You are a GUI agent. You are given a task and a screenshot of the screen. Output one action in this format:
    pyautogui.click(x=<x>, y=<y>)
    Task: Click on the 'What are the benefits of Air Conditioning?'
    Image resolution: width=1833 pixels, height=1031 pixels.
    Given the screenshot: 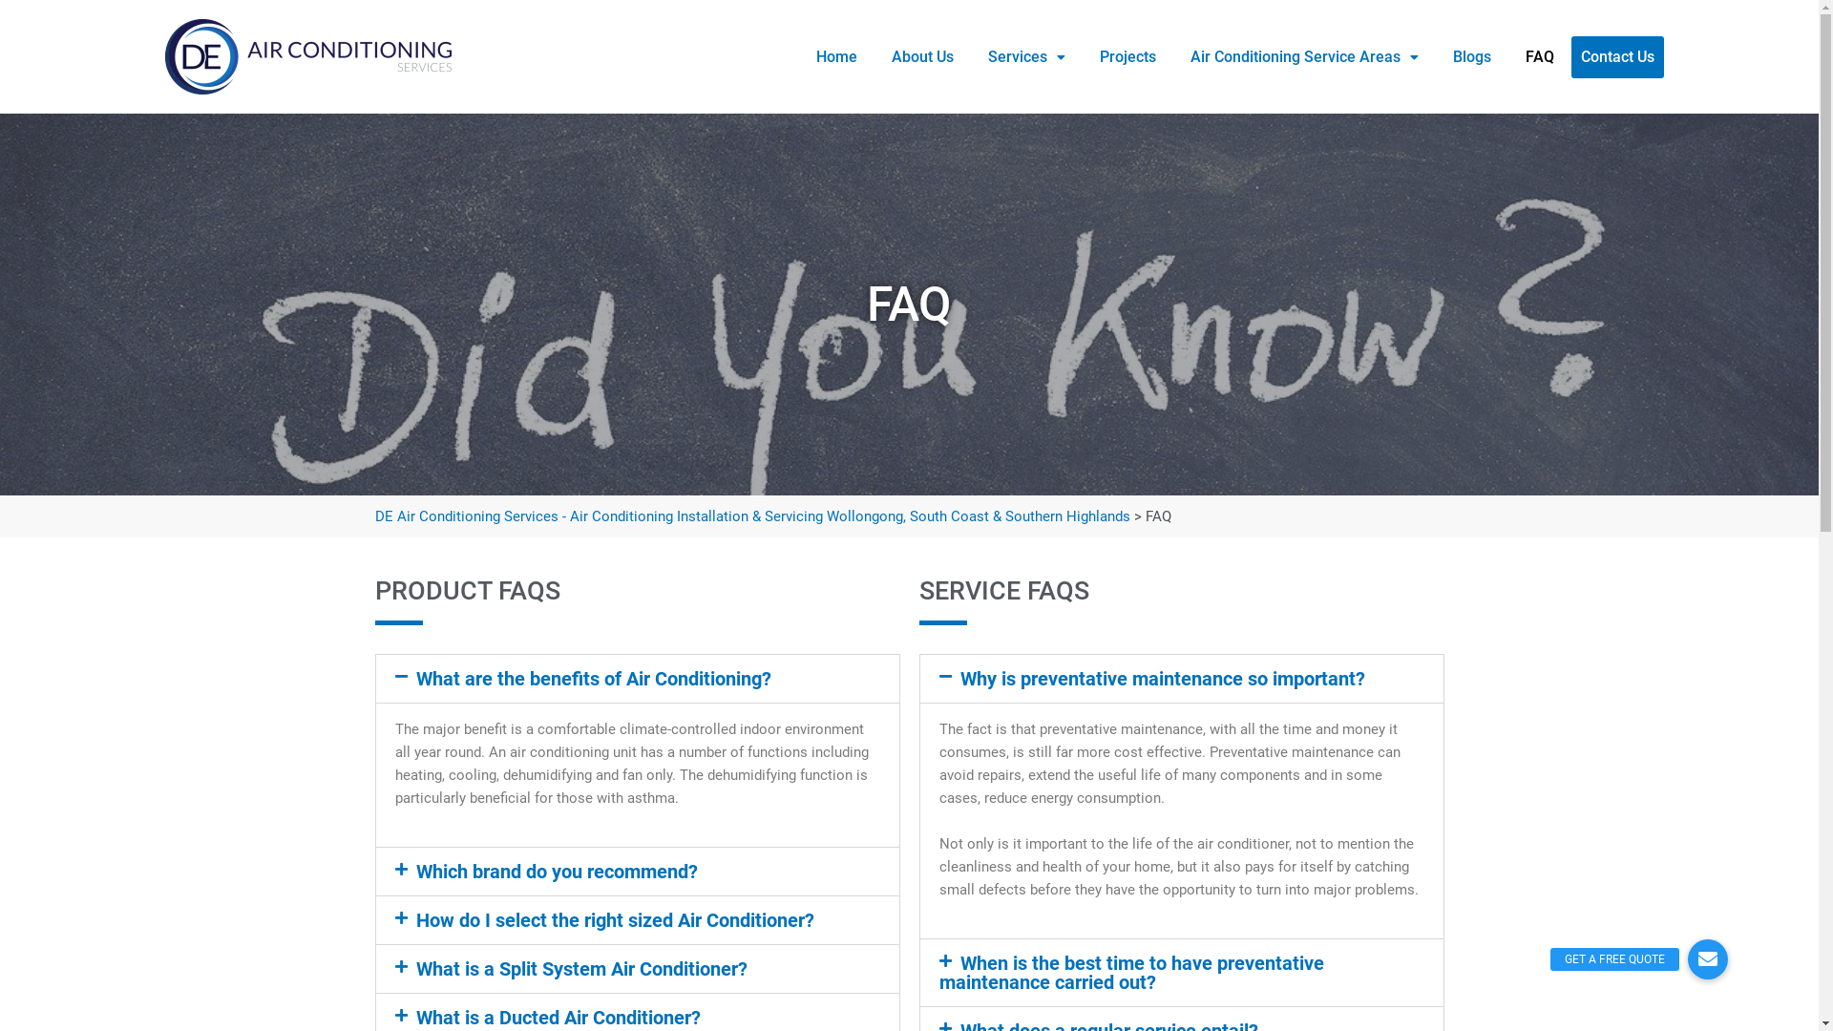 What is the action you would take?
    pyautogui.click(x=593, y=677)
    